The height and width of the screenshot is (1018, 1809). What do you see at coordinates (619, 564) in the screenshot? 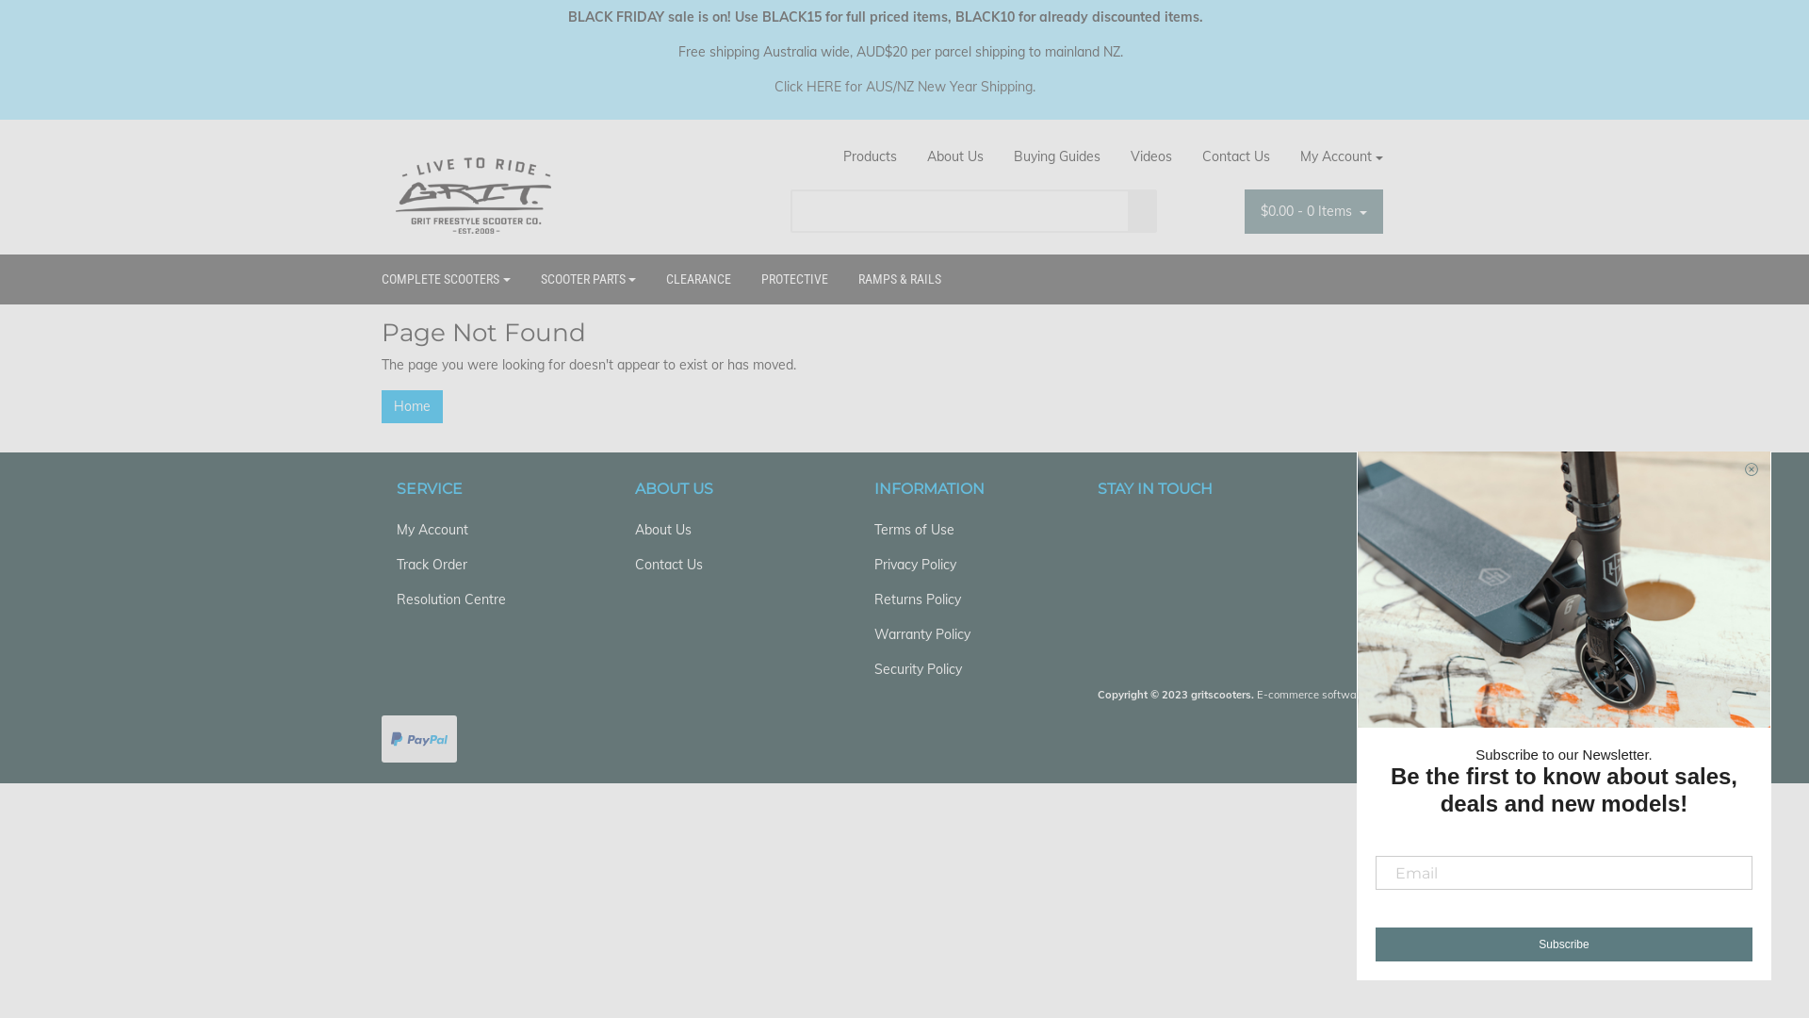
I see `'Contact Us'` at bounding box center [619, 564].